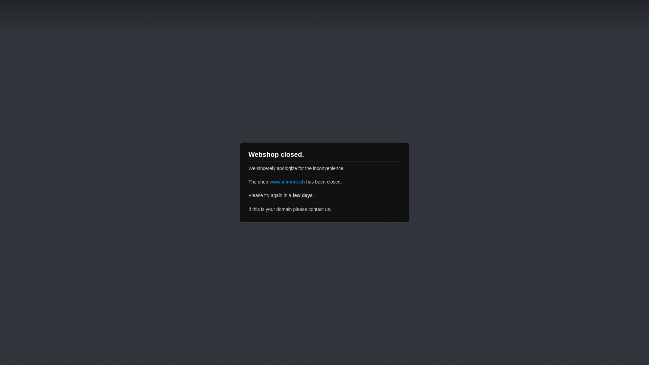  What do you see at coordinates (287, 181) in the screenshot?
I see `'www.alambe.ch'` at bounding box center [287, 181].